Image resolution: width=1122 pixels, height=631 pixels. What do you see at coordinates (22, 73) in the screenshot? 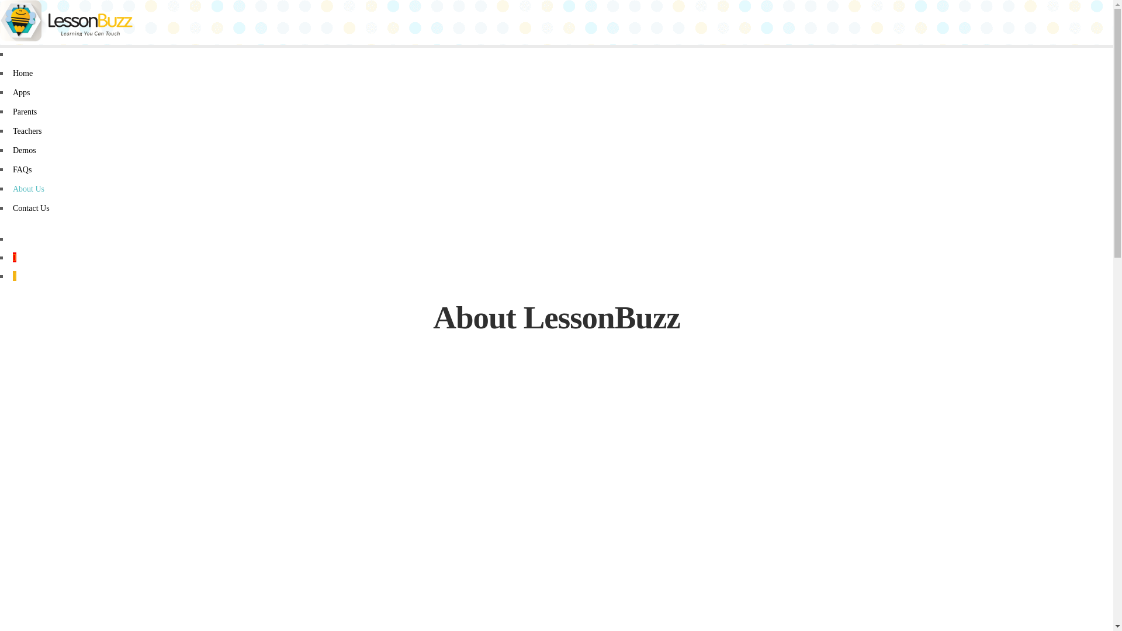
I see `'Home'` at bounding box center [22, 73].